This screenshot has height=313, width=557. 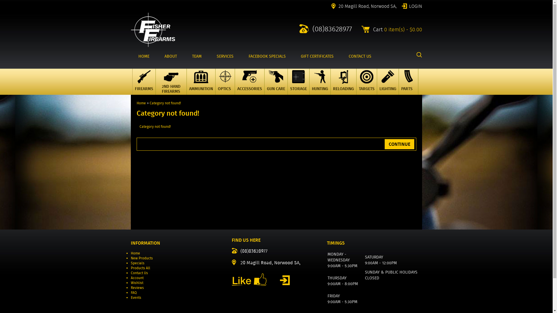 I want to click on 'AMMUNITION', so click(x=200, y=81).